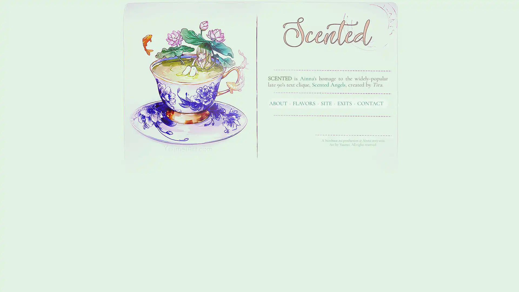 This screenshot has width=519, height=292. I want to click on SITE, so click(326, 103).